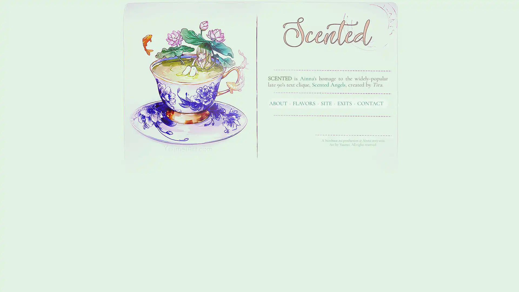 This screenshot has width=519, height=292. I want to click on SITE, so click(326, 103).